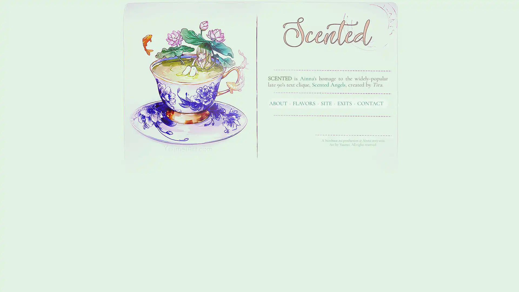 This screenshot has width=519, height=292. I want to click on SITE, so click(326, 103).